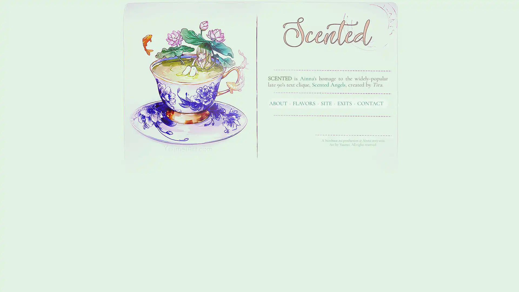 This screenshot has width=519, height=292. I want to click on SITE, so click(326, 103).